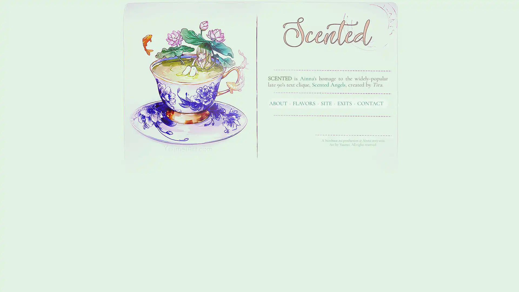 This screenshot has width=519, height=292. I want to click on SITE, so click(326, 103).